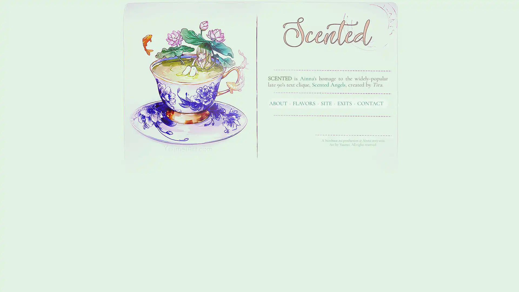 This screenshot has width=519, height=292. I want to click on SITE, so click(326, 103).